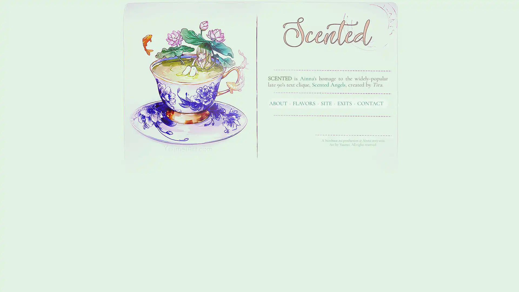 This screenshot has width=519, height=292. I want to click on SITE, so click(326, 103).